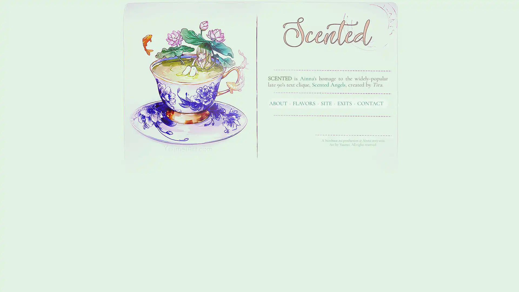 This screenshot has width=519, height=292. I want to click on SITE, so click(326, 103).